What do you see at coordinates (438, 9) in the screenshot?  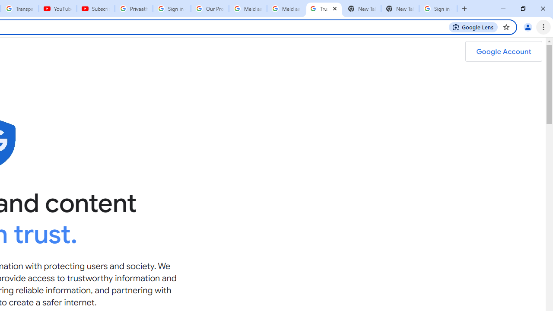 I see `'Sign in - Google Accounts'` at bounding box center [438, 9].